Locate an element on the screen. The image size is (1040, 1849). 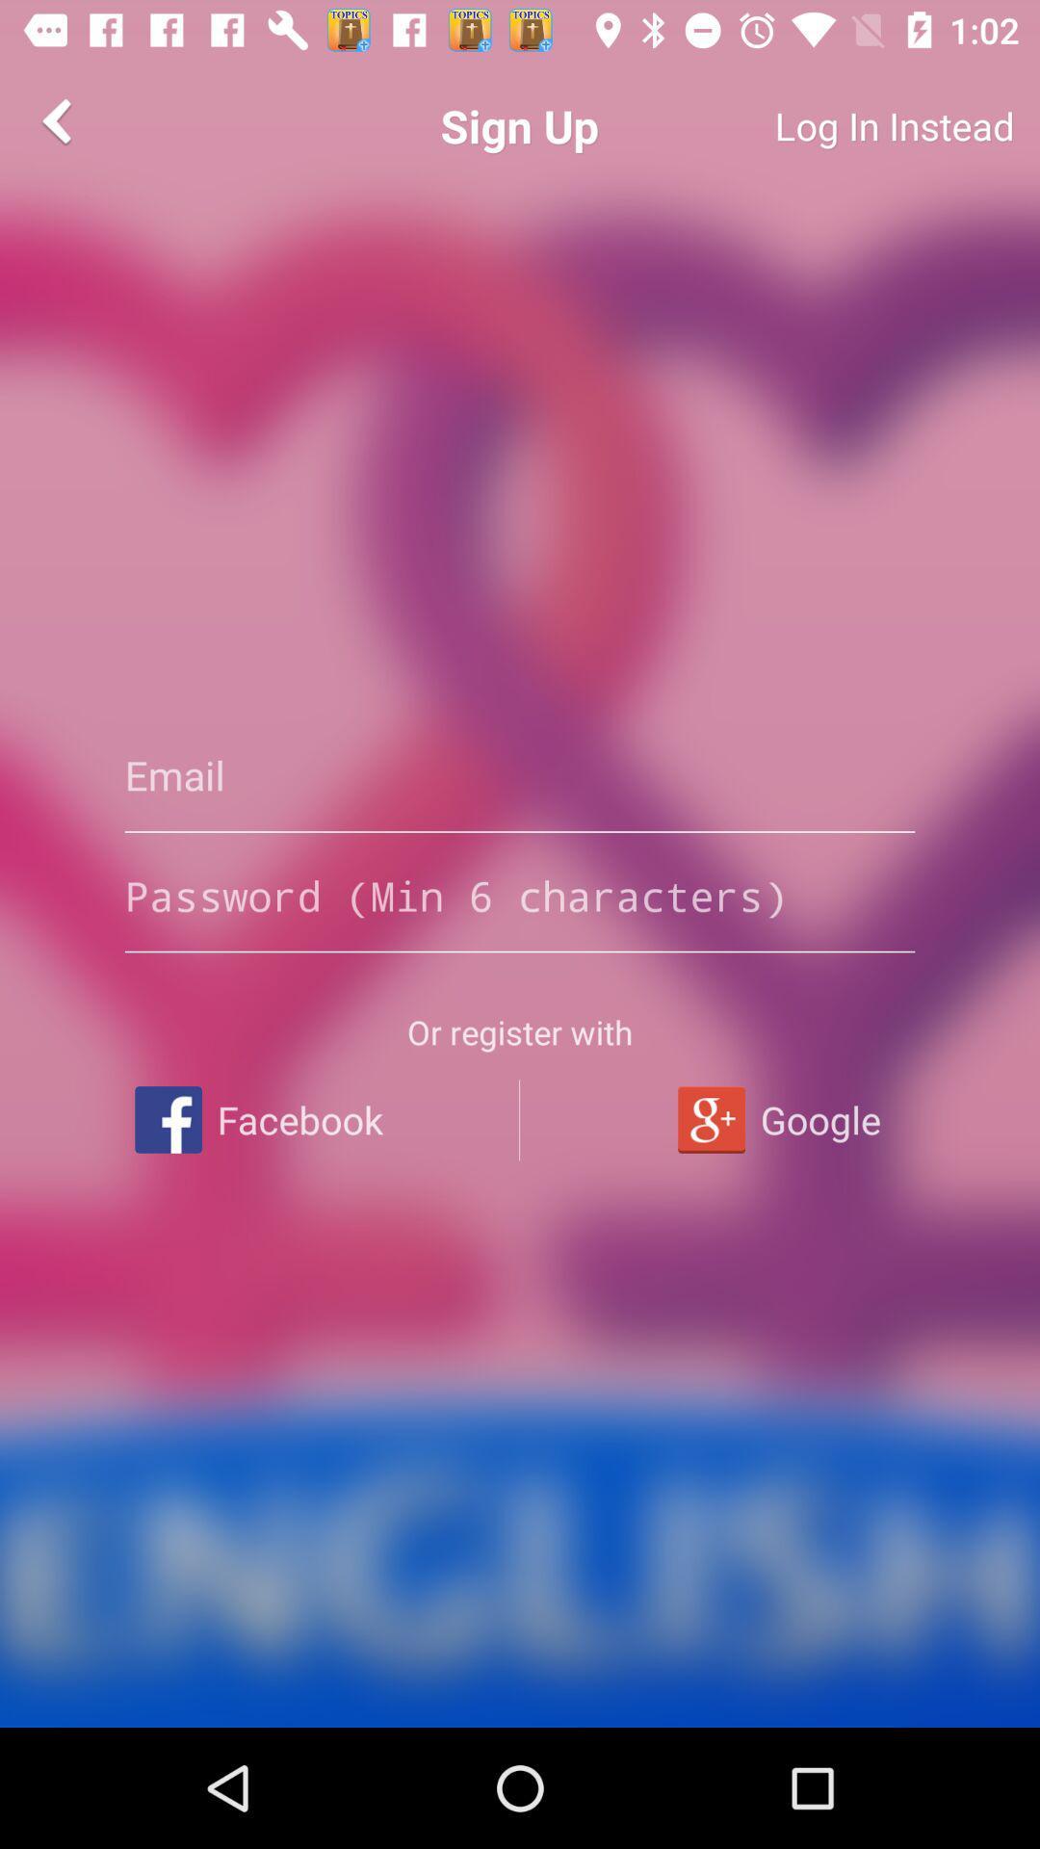
the log in instead is located at coordinates (823, 125).